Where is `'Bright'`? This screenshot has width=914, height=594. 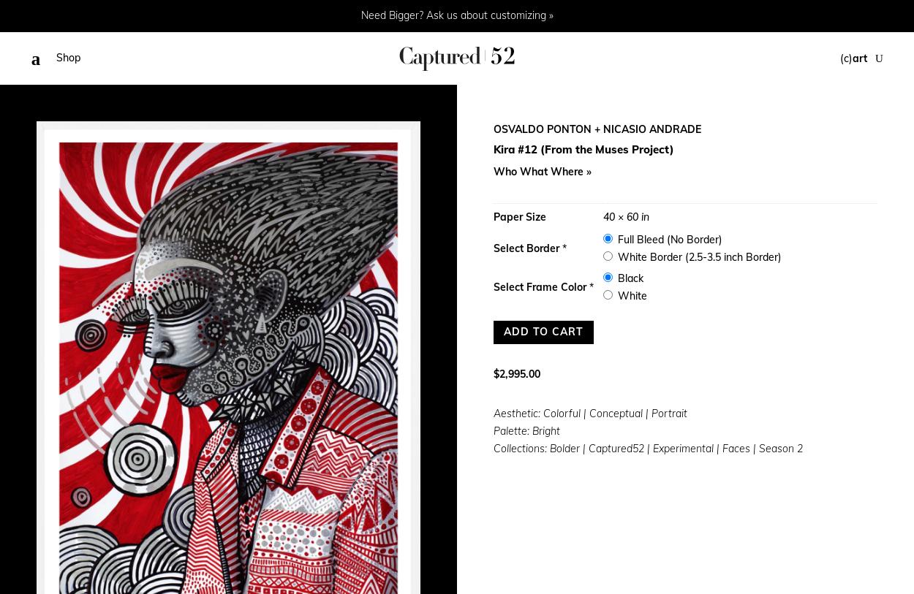
'Bright' is located at coordinates (532, 430).